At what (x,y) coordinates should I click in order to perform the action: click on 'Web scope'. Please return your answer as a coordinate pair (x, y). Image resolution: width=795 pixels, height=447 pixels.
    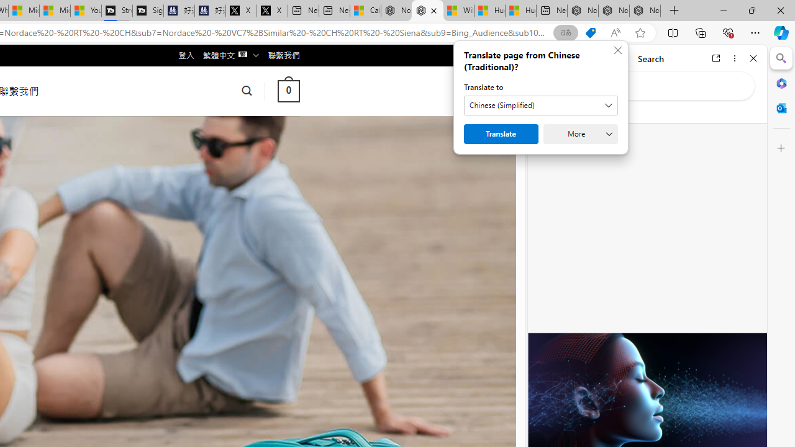
    Looking at the image, I should click on (547, 112).